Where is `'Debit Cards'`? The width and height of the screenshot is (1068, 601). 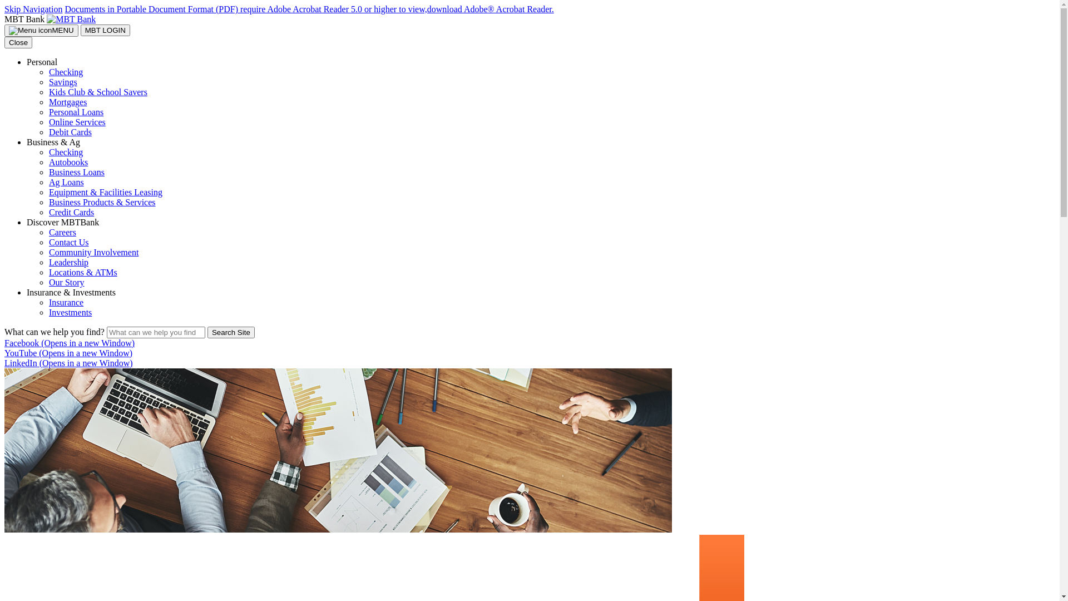 'Debit Cards' is located at coordinates (70, 131).